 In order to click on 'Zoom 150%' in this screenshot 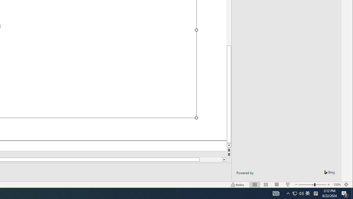, I will do `click(337, 185)`.